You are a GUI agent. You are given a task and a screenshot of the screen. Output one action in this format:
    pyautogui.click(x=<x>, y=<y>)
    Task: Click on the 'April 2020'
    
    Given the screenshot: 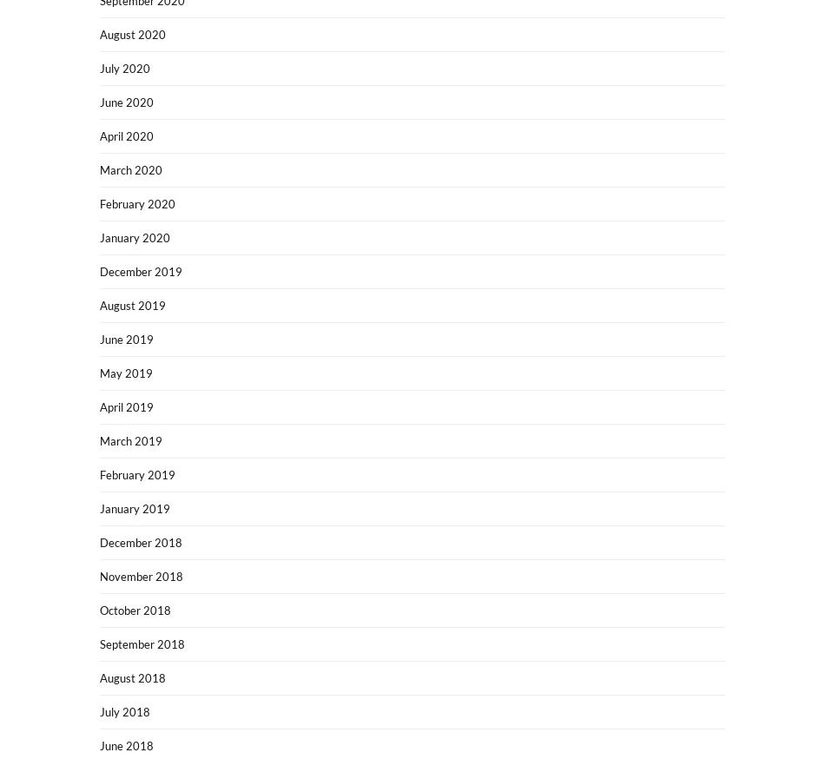 What is the action you would take?
    pyautogui.click(x=127, y=135)
    